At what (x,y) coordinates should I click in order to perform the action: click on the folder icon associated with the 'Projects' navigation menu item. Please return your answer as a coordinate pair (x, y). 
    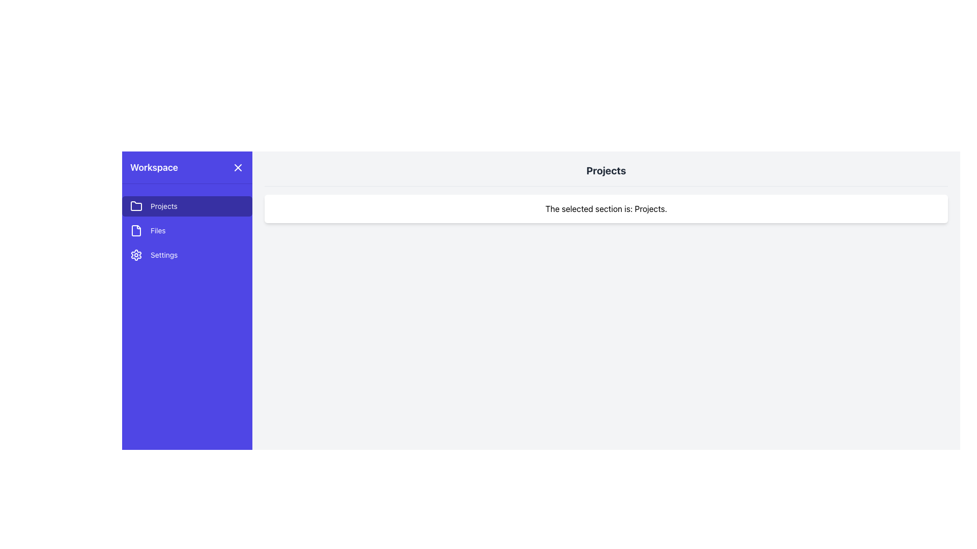
    Looking at the image, I should click on (136, 206).